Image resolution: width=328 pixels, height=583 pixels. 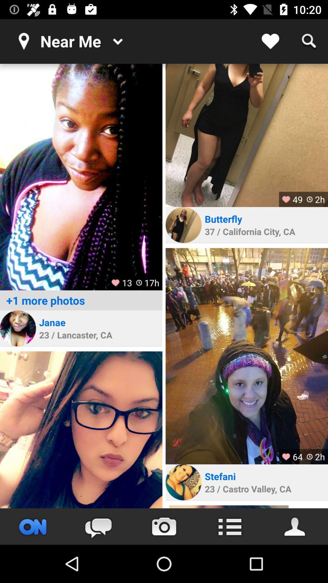 What do you see at coordinates (230, 526) in the screenshot?
I see `open menu` at bounding box center [230, 526].